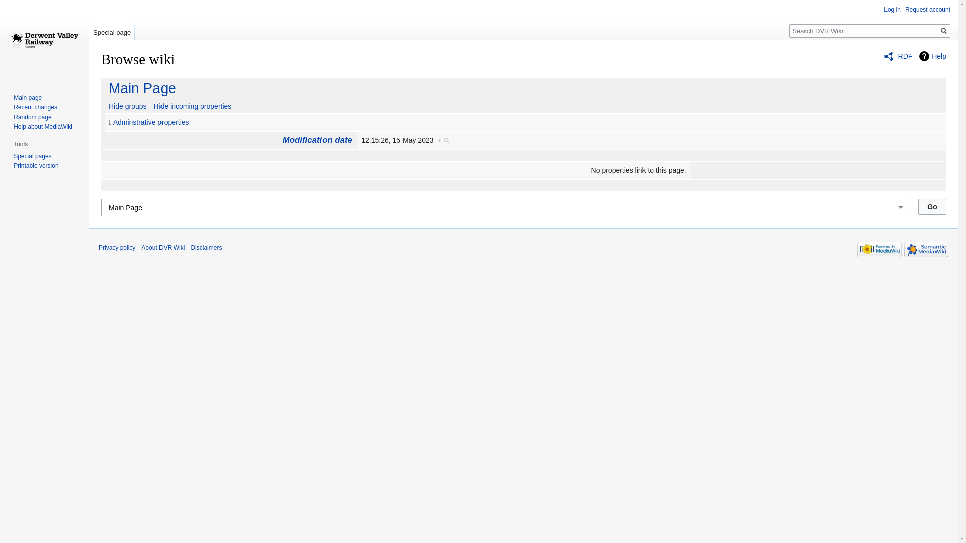 The image size is (966, 543). I want to click on 'Visit the main page', so click(43, 40).